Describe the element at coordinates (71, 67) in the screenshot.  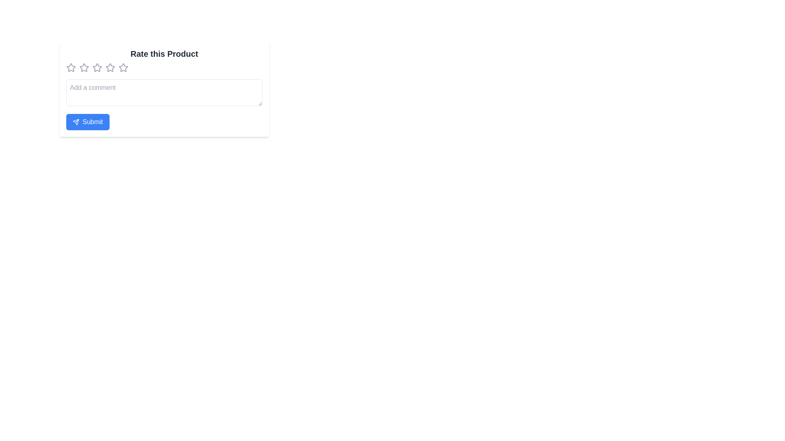
I see `the first star icon in the rating section` at that location.